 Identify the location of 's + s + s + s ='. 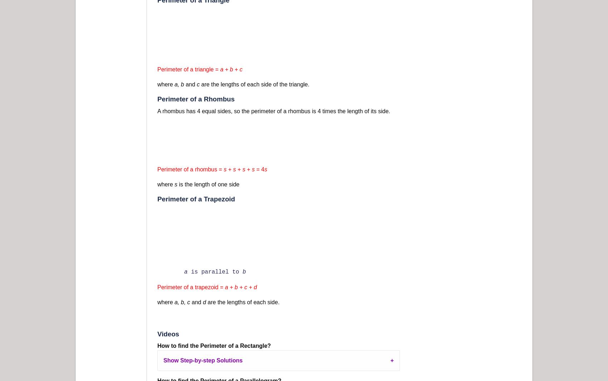
(242, 169).